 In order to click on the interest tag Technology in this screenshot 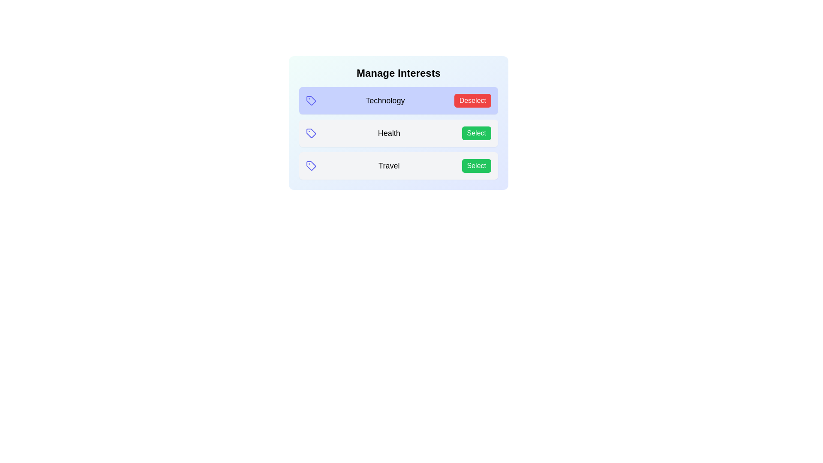, I will do `click(472, 100)`.